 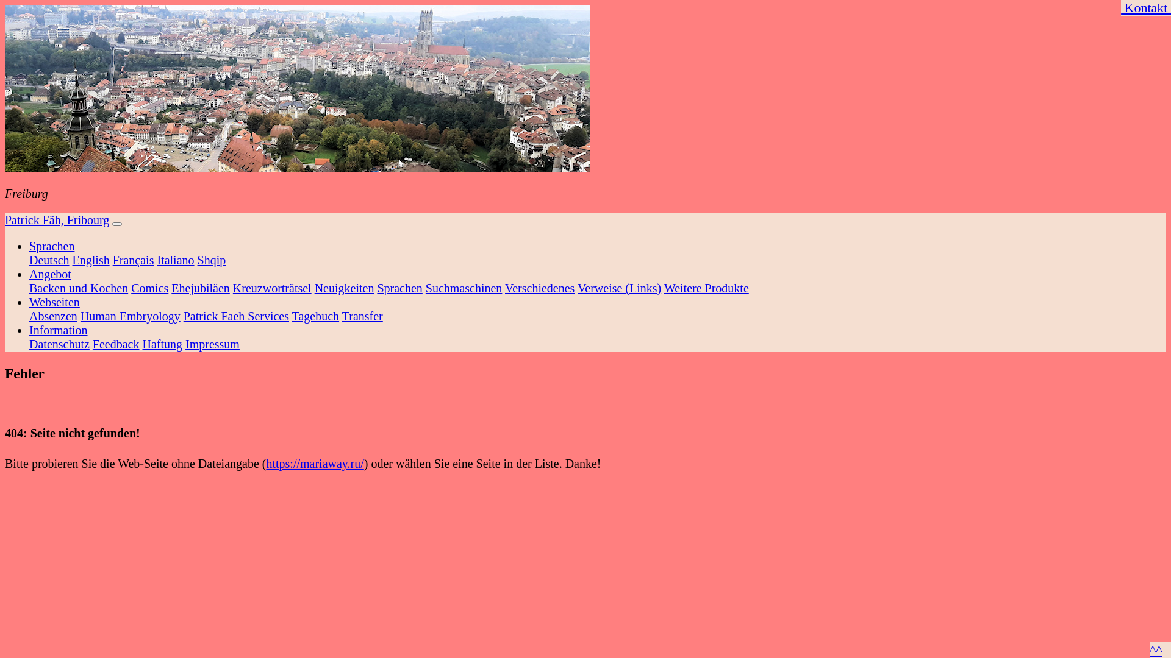 I want to click on 'Deutsch', so click(x=49, y=260).